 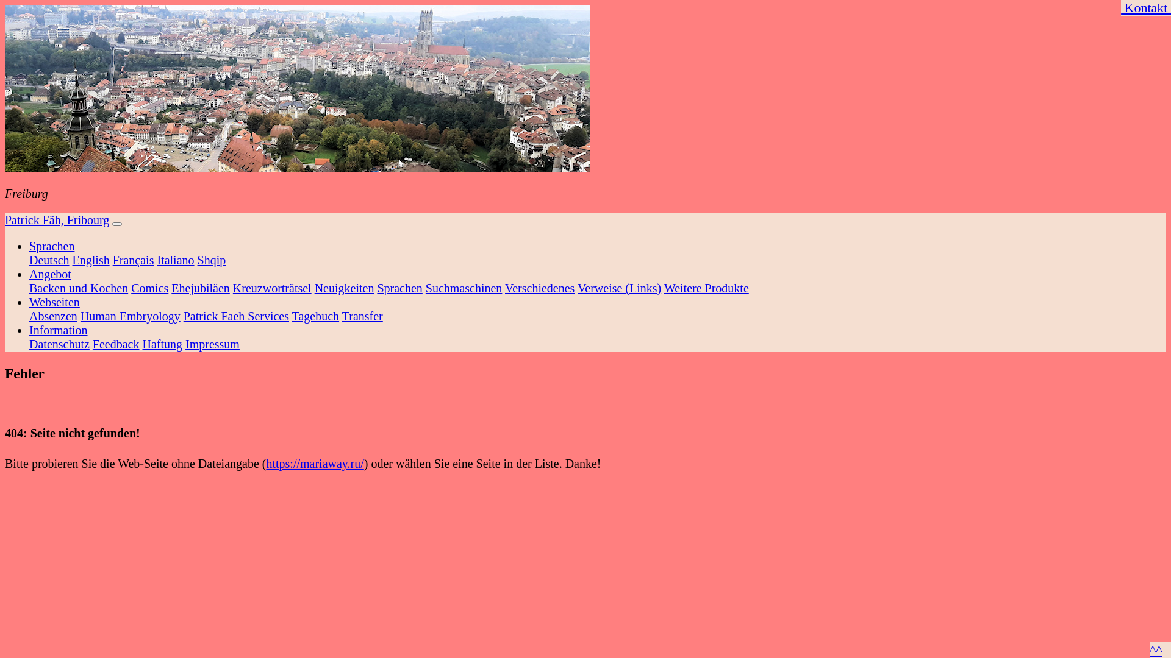 I want to click on 'Deutsch', so click(x=49, y=260).